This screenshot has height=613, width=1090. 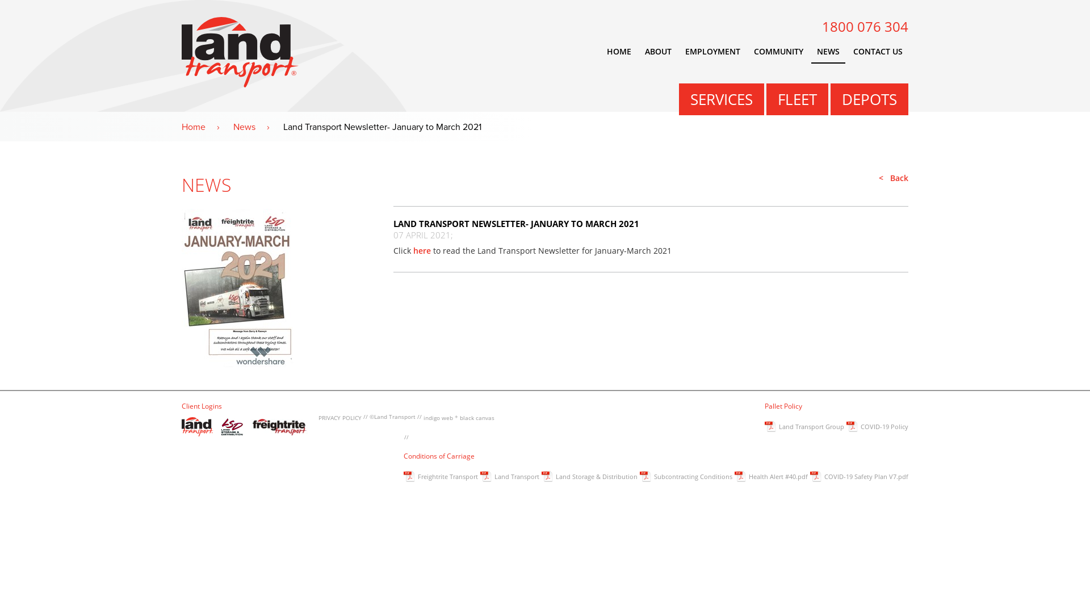 What do you see at coordinates (421, 250) in the screenshot?
I see `'here'` at bounding box center [421, 250].